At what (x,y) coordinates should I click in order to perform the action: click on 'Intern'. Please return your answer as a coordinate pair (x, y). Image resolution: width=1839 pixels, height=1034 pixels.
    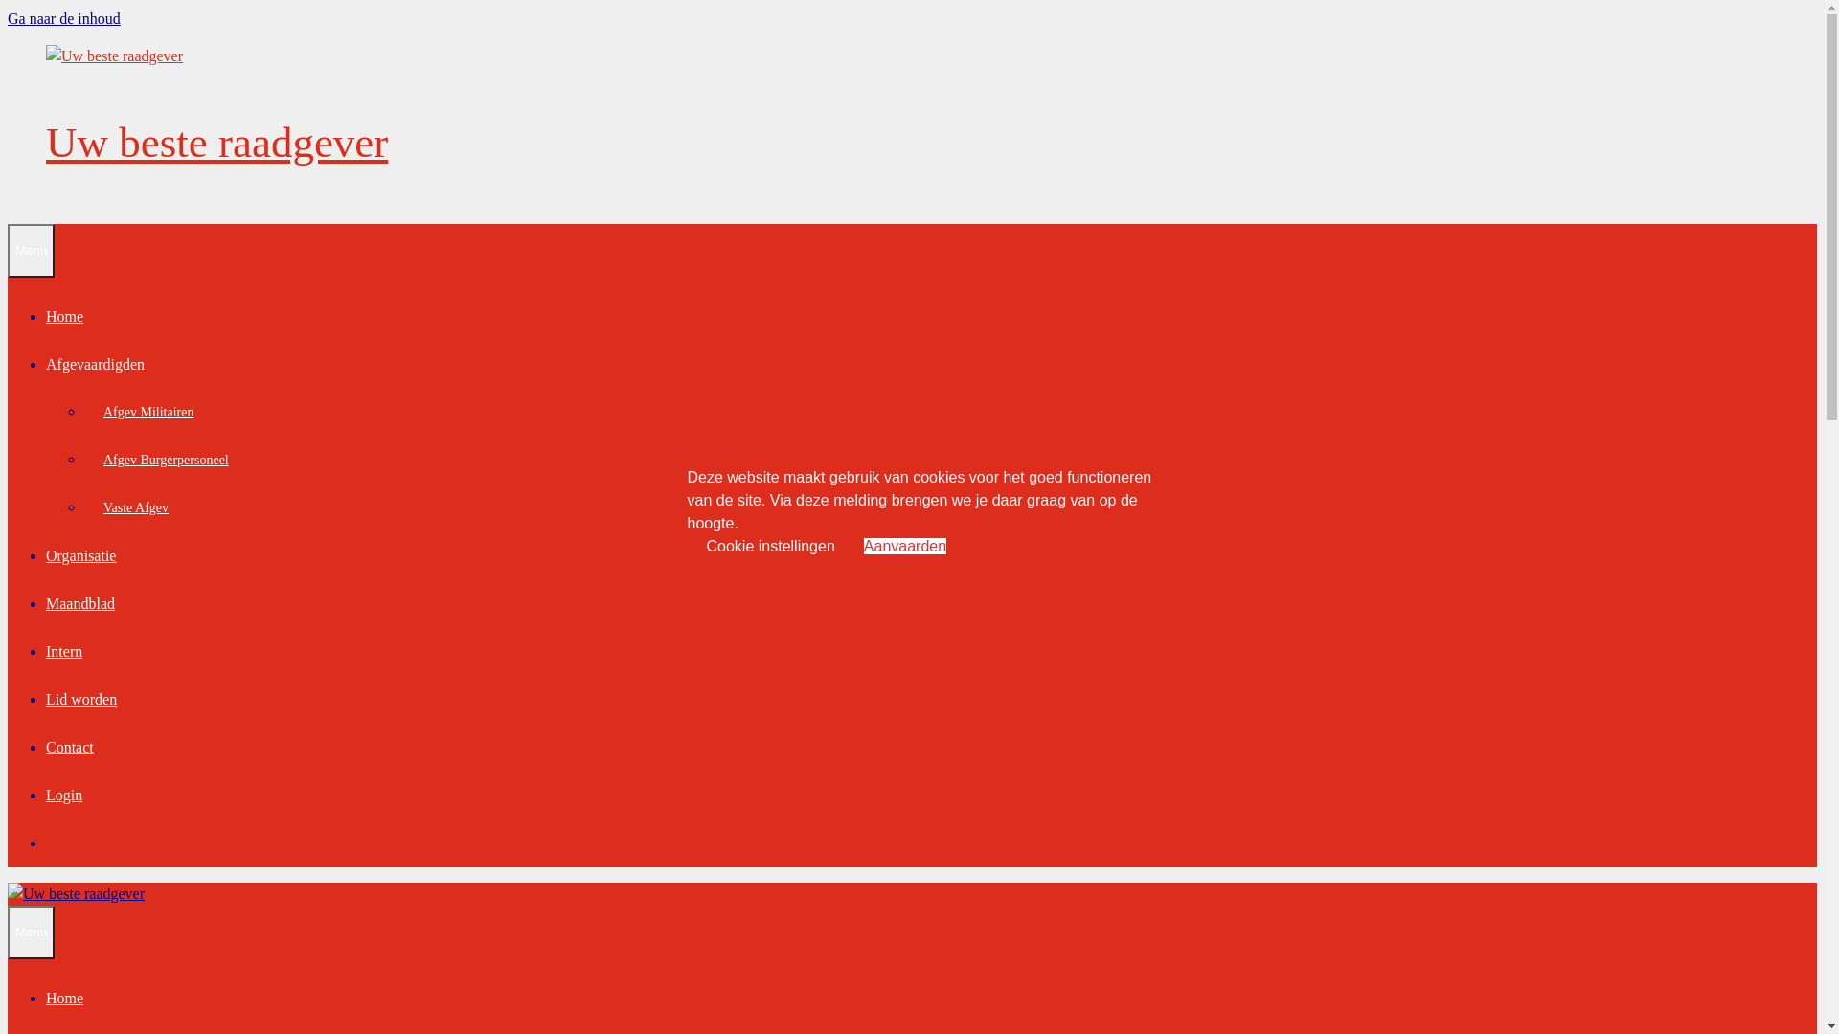
    Looking at the image, I should click on (64, 650).